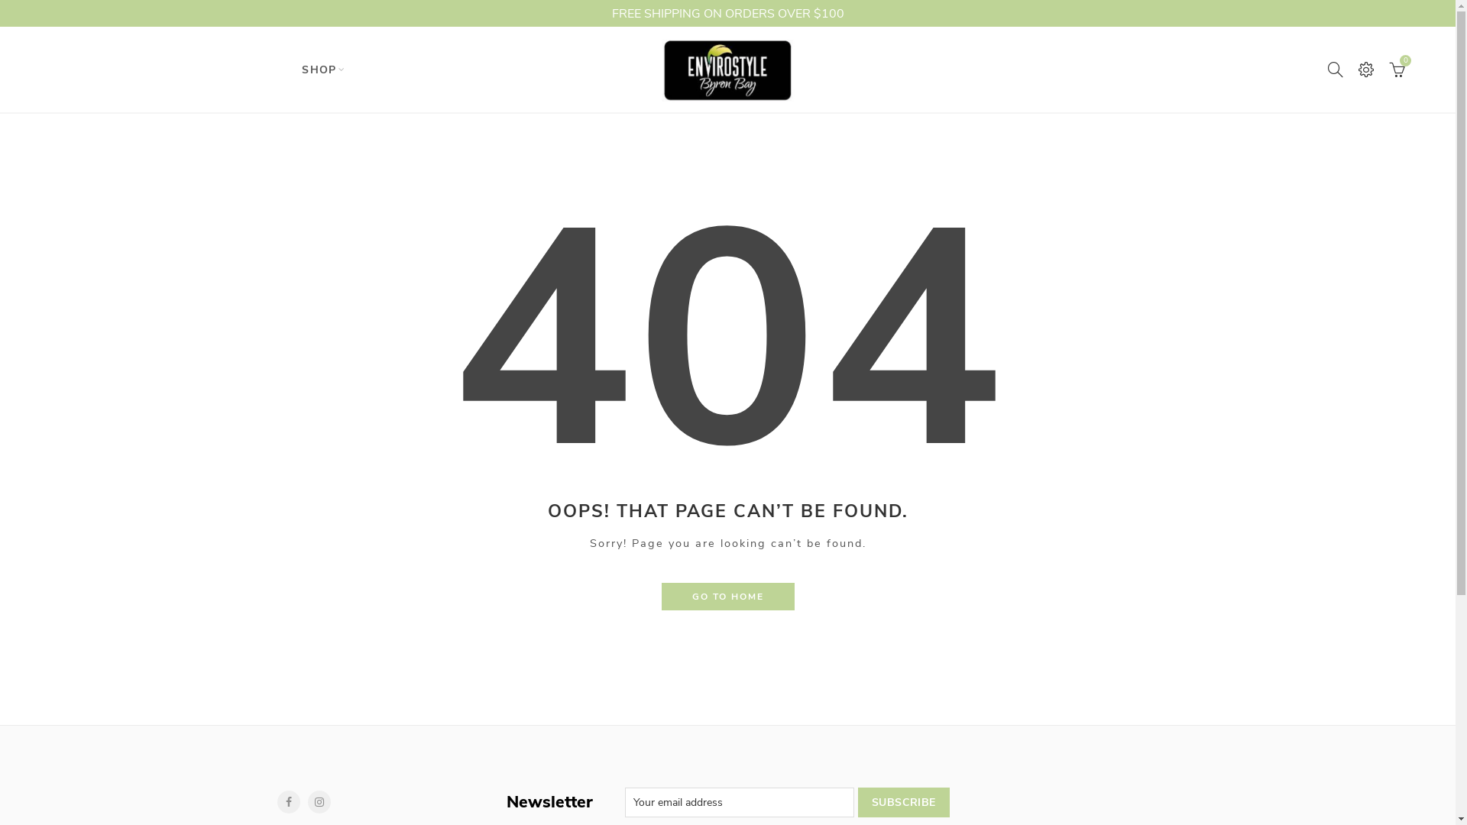  What do you see at coordinates (1397, 70) in the screenshot?
I see `'0'` at bounding box center [1397, 70].